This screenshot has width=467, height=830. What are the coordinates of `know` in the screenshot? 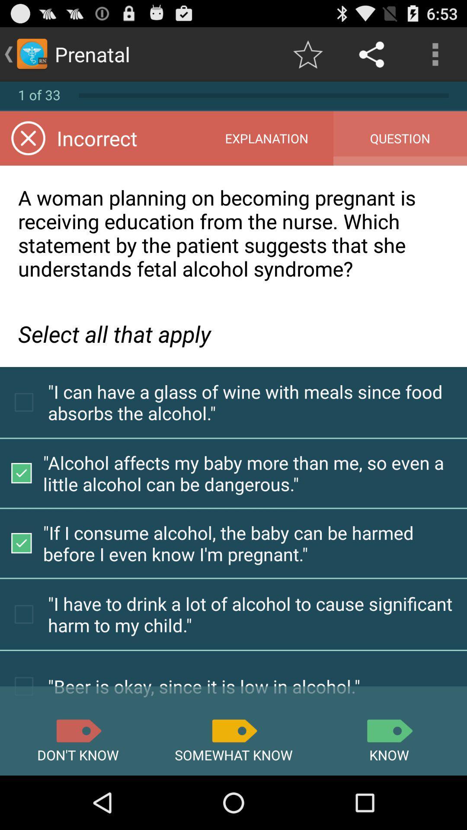 It's located at (388, 730).